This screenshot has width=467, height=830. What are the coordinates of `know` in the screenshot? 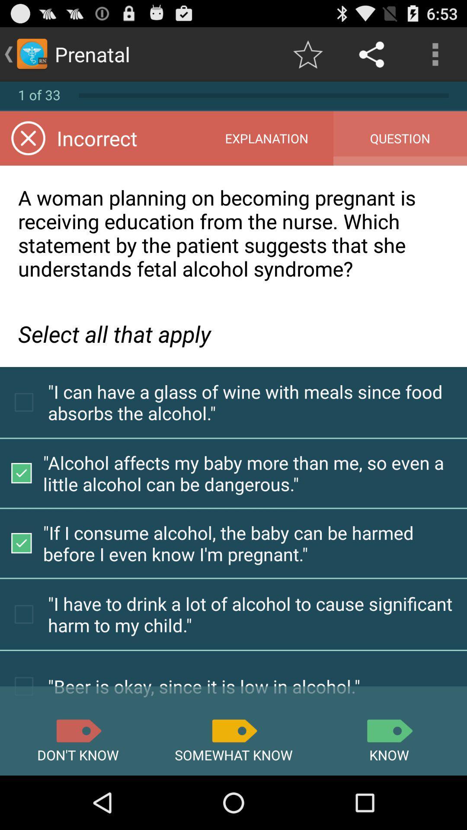 It's located at (388, 730).